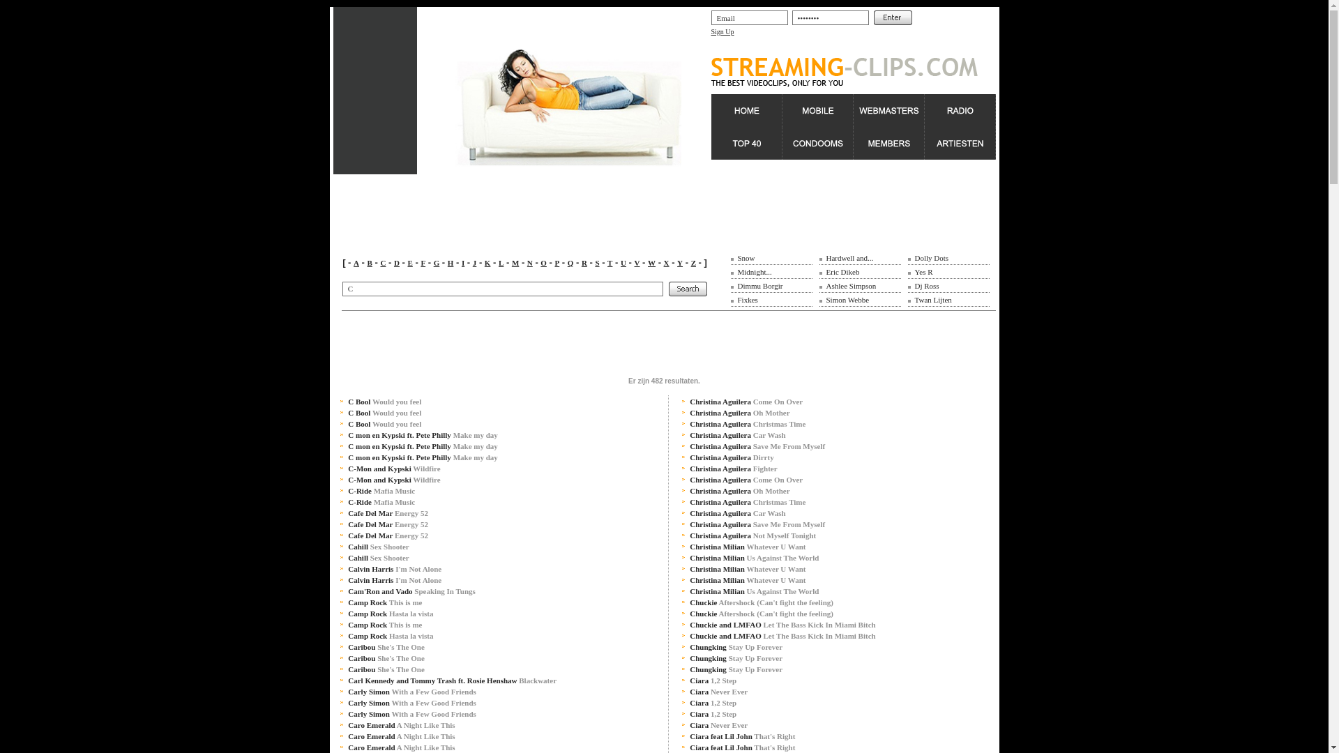 This screenshot has width=1339, height=753. Describe the element at coordinates (746, 478) in the screenshot. I see `'Christina Aguilera Come On Over'` at that location.